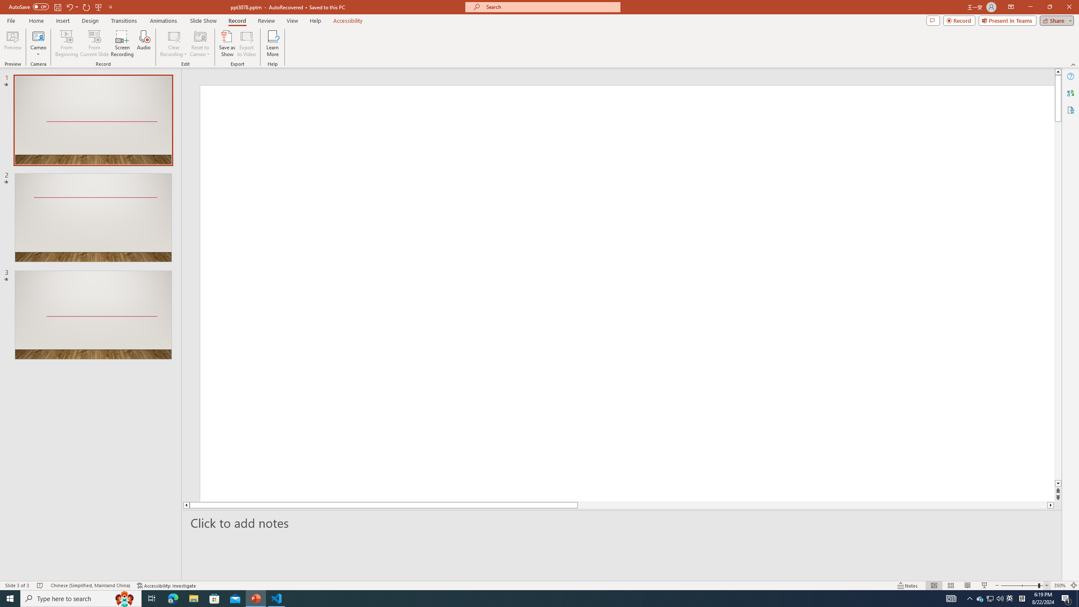 This screenshot has width=1079, height=607. I want to click on 'Audio', so click(143, 43).